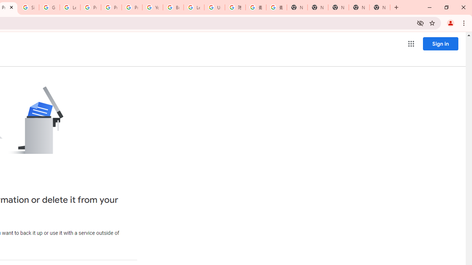 The height and width of the screenshot is (265, 472). What do you see at coordinates (29, 7) in the screenshot?
I see `'Sign in - Google Accounts'` at bounding box center [29, 7].